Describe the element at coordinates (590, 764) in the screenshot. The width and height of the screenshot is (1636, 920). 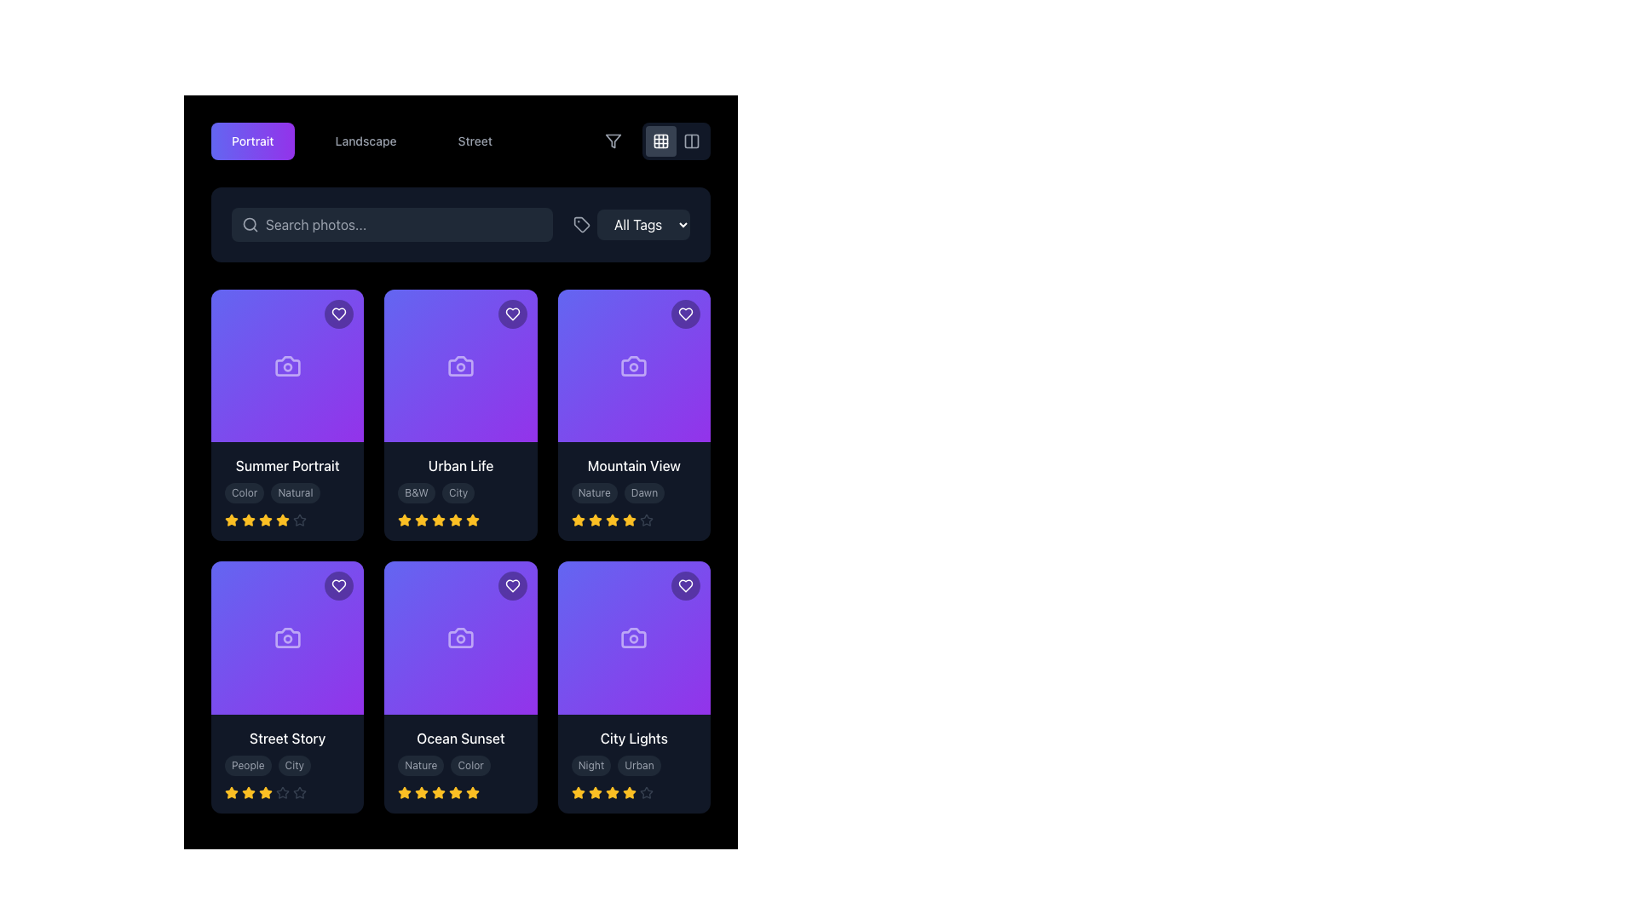
I see `the rounded rectangular label with the text 'Night' that has a dark gray background and light gray text, located in the lower-right card beneath the 'City Lights' heading` at that location.